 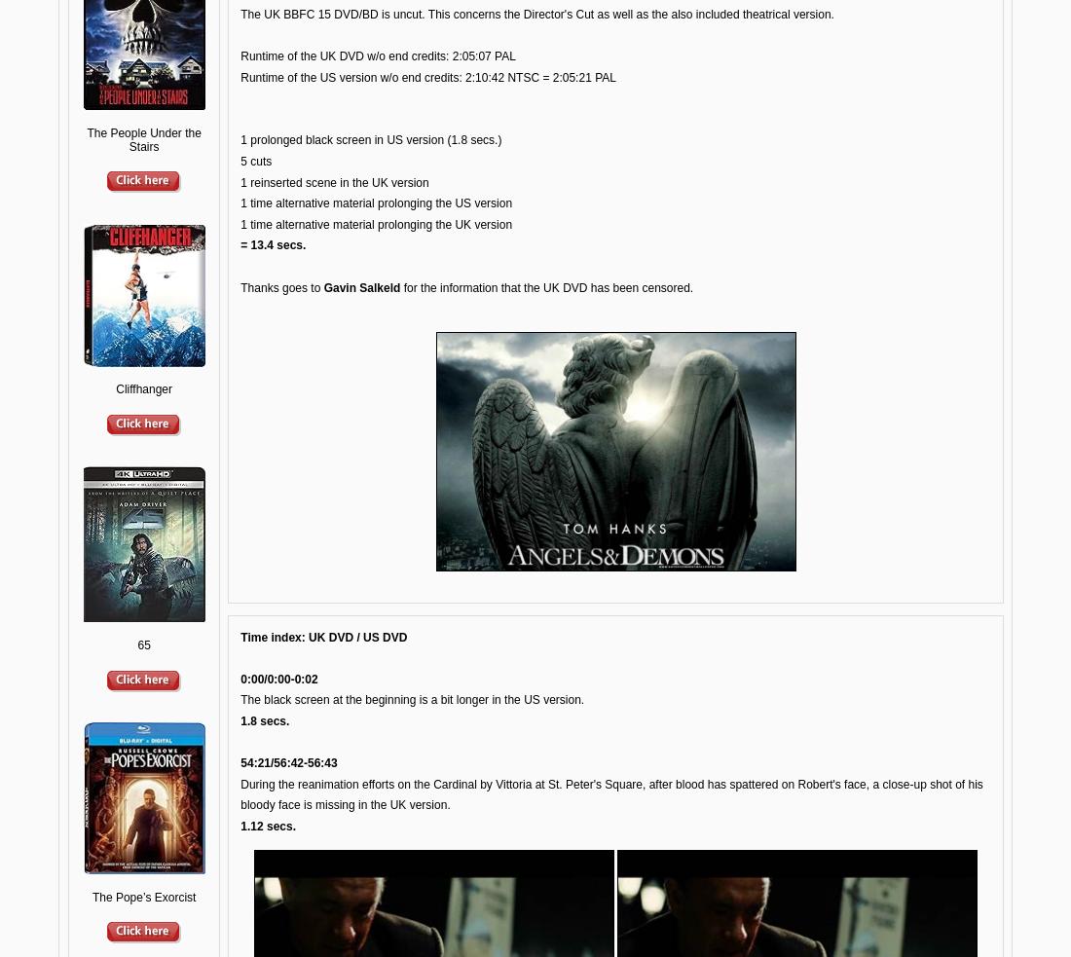 What do you see at coordinates (240, 55) in the screenshot?
I see `'Runtime of the UK DVD w/o end credits: 2:05:07 PAL'` at bounding box center [240, 55].